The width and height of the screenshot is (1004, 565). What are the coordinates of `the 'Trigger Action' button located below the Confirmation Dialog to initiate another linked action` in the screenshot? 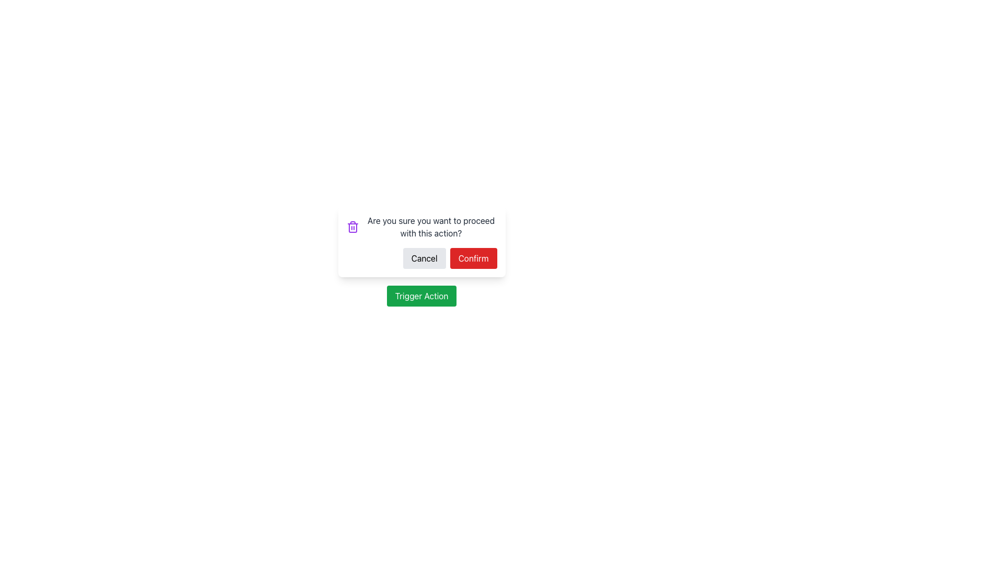 It's located at (421, 286).